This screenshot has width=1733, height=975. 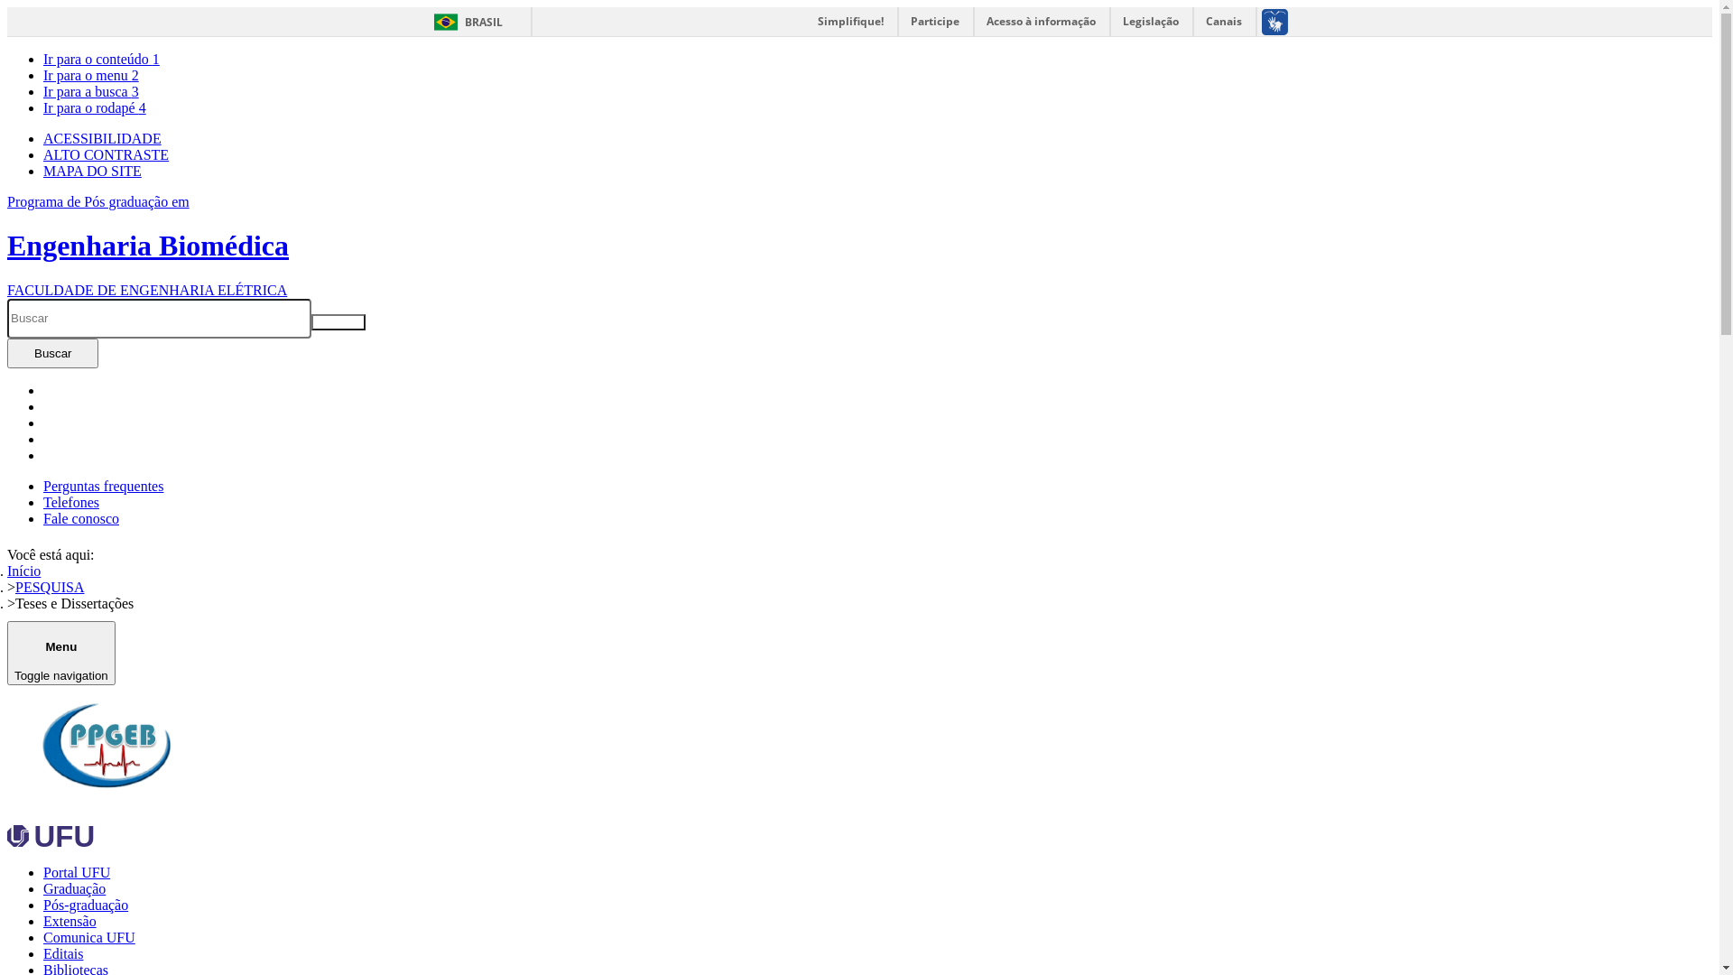 What do you see at coordinates (52, 353) in the screenshot?
I see `'Buscar'` at bounding box center [52, 353].